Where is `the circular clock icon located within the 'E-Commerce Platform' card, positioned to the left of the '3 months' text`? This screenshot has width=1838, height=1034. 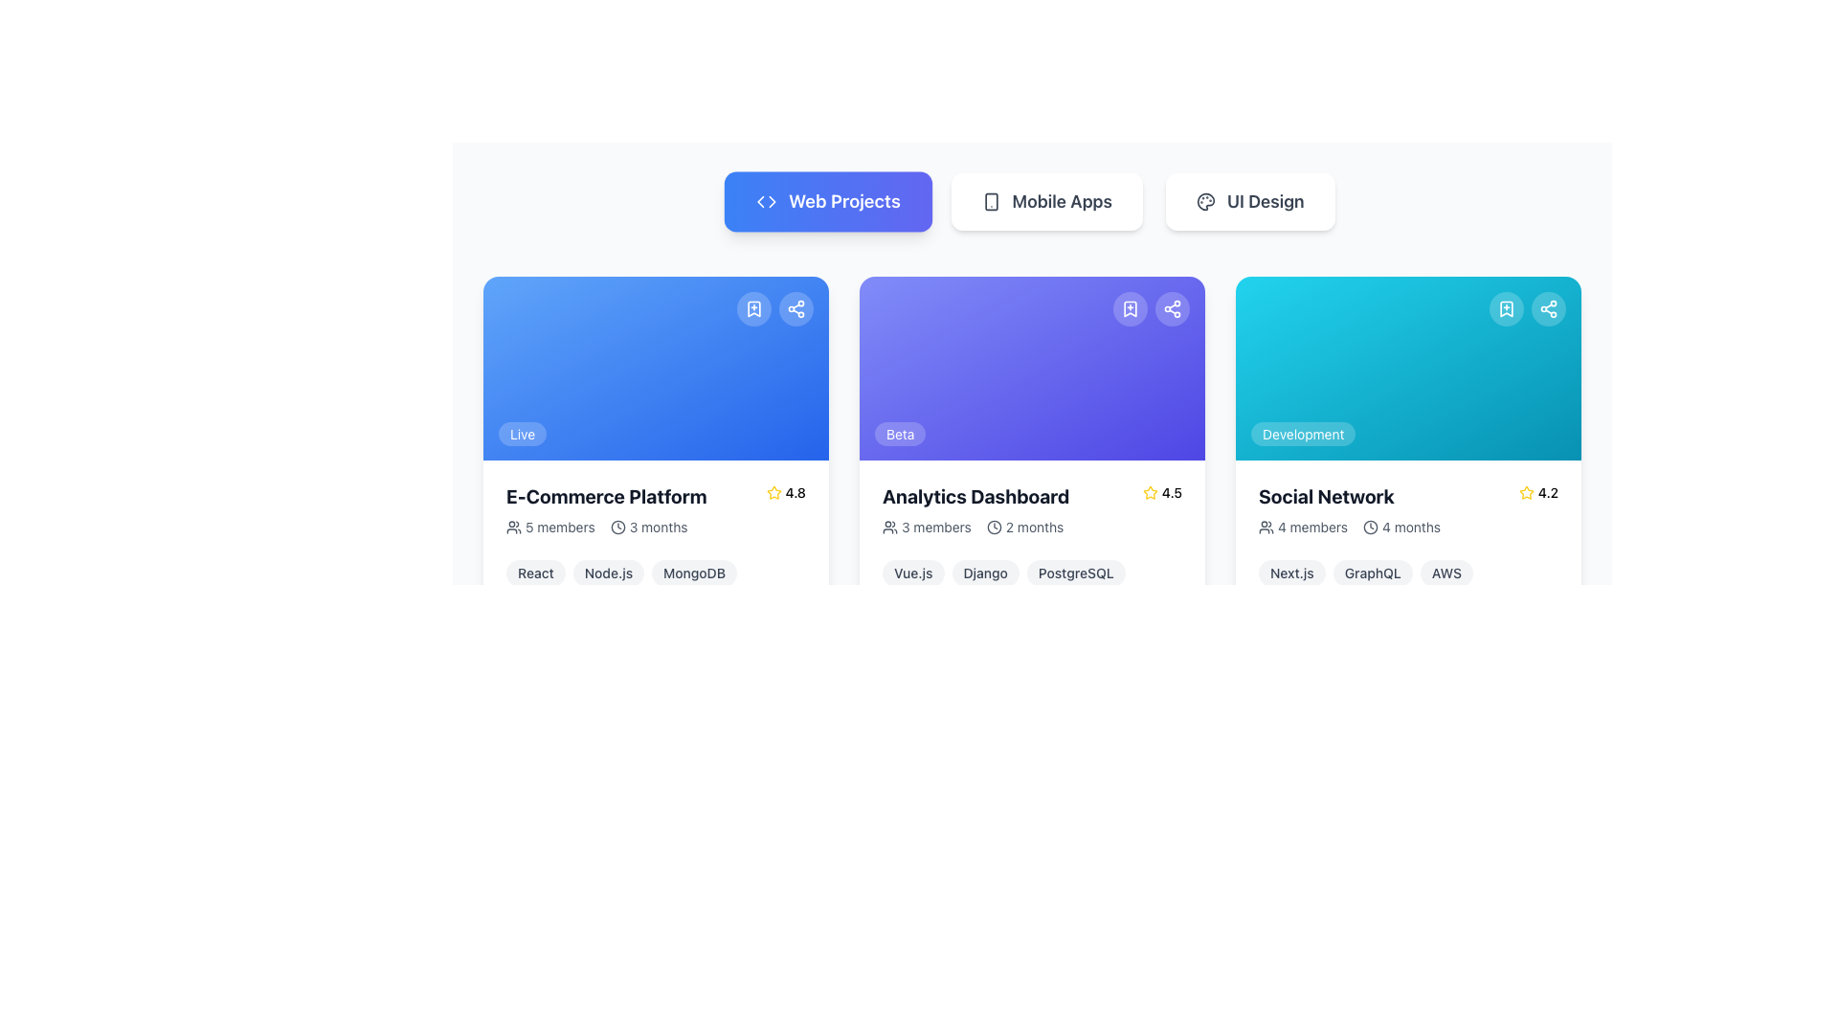 the circular clock icon located within the 'E-Commerce Platform' card, positioned to the left of the '3 months' text is located at coordinates (617, 528).